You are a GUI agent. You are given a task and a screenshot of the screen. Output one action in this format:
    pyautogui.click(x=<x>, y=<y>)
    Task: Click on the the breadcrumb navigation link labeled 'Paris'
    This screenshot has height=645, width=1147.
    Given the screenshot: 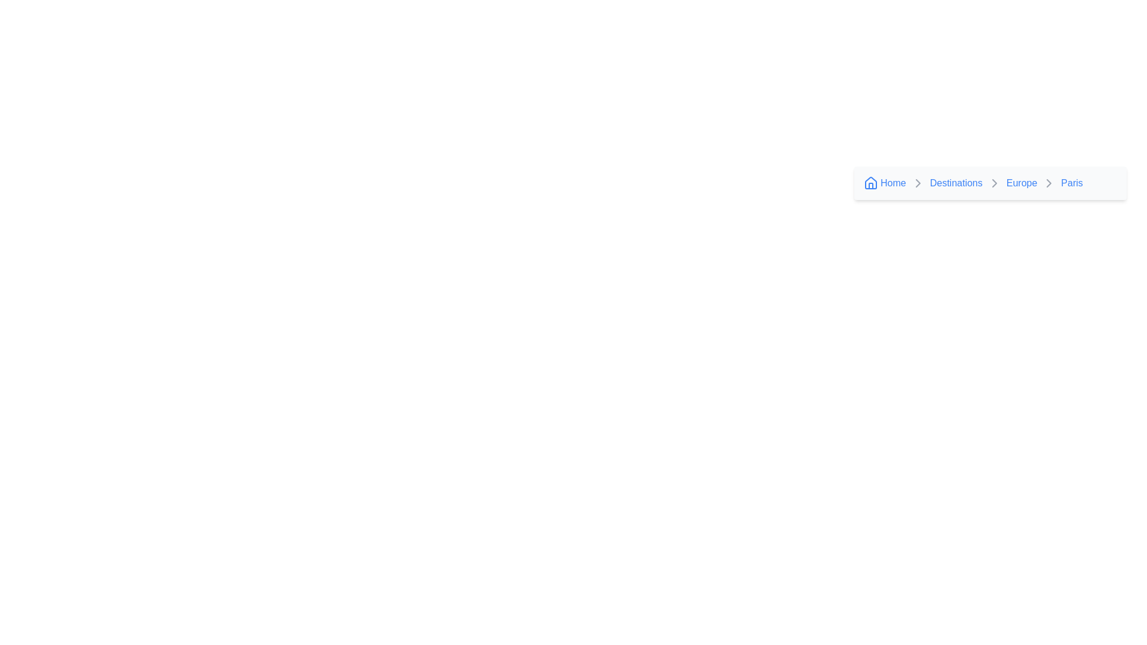 What is the action you would take?
    pyautogui.click(x=1072, y=183)
    